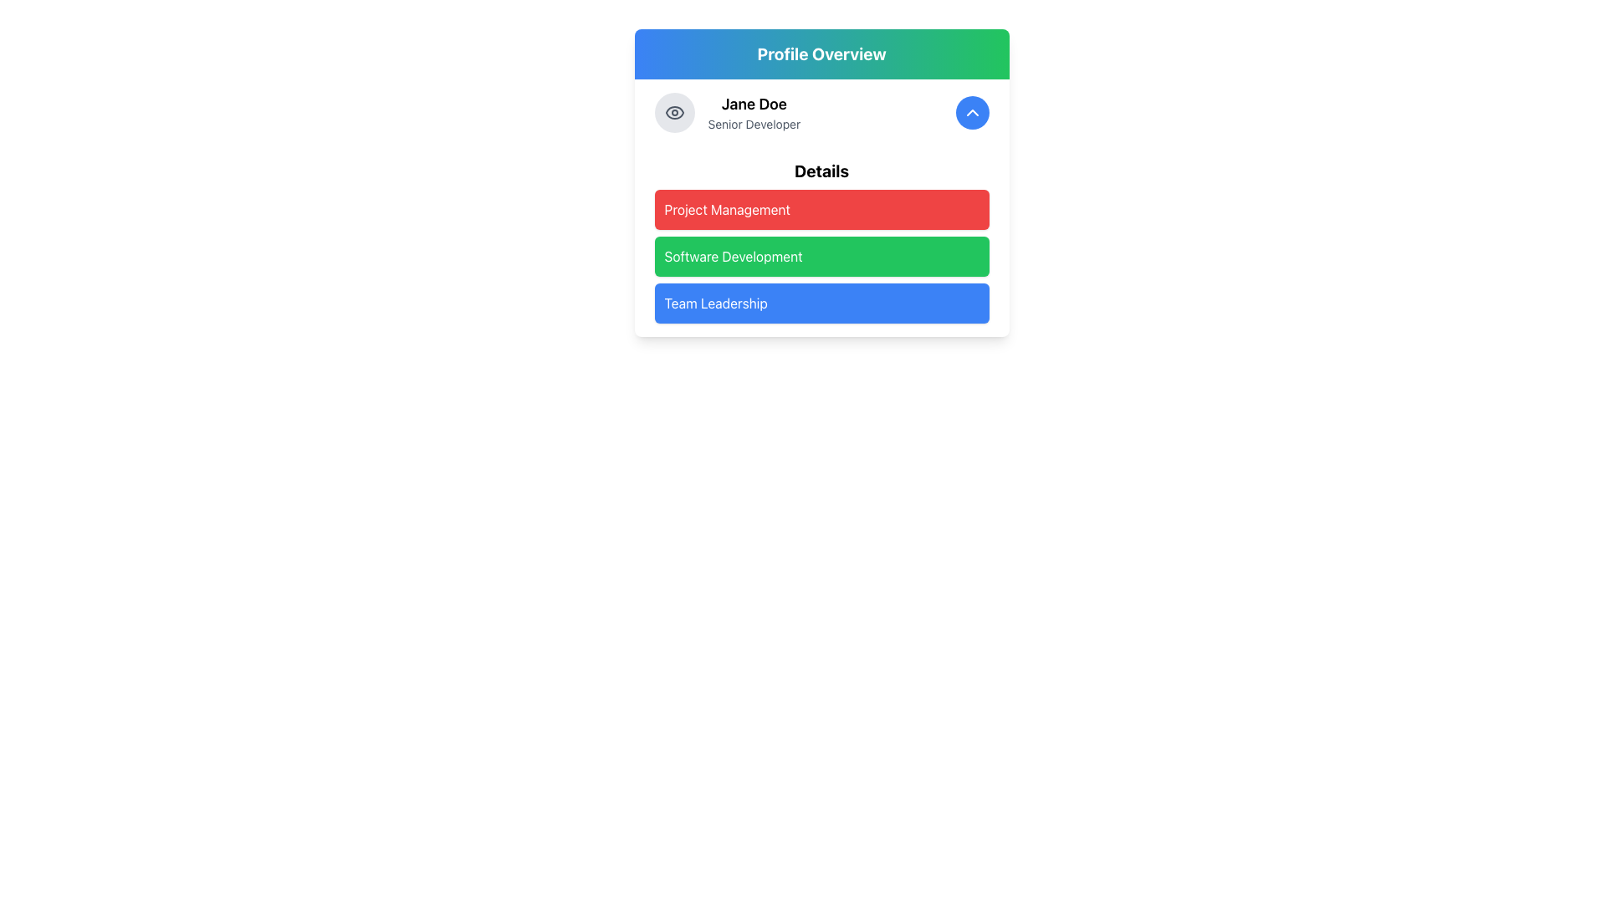 This screenshot has height=903, width=1606. What do you see at coordinates (674, 113) in the screenshot?
I see `the decorative icon associated with the user 'Jane Doe', located to the left of the text 'Jane Doe Senior Developer'` at bounding box center [674, 113].